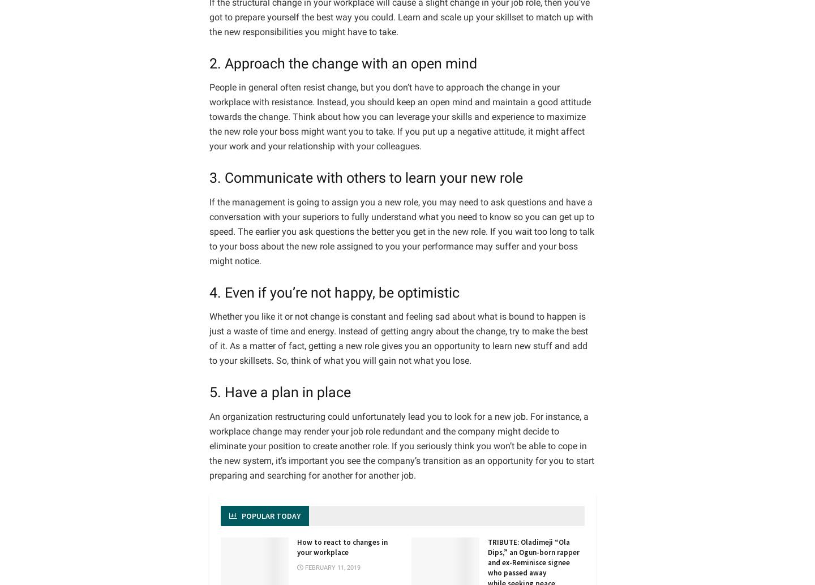 This screenshot has height=585, width=815. What do you see at coordinates (208, 63) in the screenshot?
I see `'2. Approach the change with an open mind'` at bounding box center [208, 63].